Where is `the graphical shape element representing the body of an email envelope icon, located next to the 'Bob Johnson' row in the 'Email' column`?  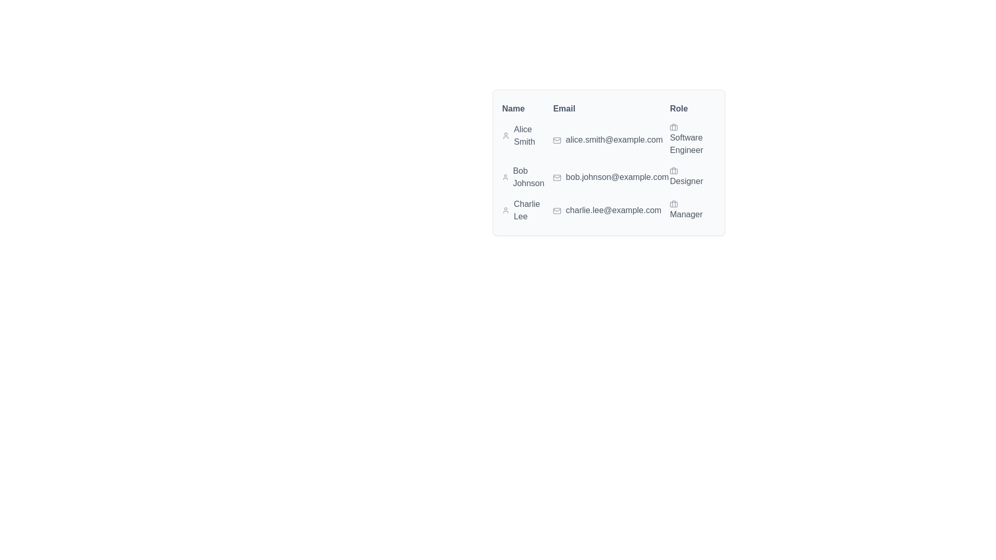
the graphical shape element representing the body of an email envelope icon, located next to the 'Bob Johnson' row in the 'Email' column is located at coordinates (557, 177).